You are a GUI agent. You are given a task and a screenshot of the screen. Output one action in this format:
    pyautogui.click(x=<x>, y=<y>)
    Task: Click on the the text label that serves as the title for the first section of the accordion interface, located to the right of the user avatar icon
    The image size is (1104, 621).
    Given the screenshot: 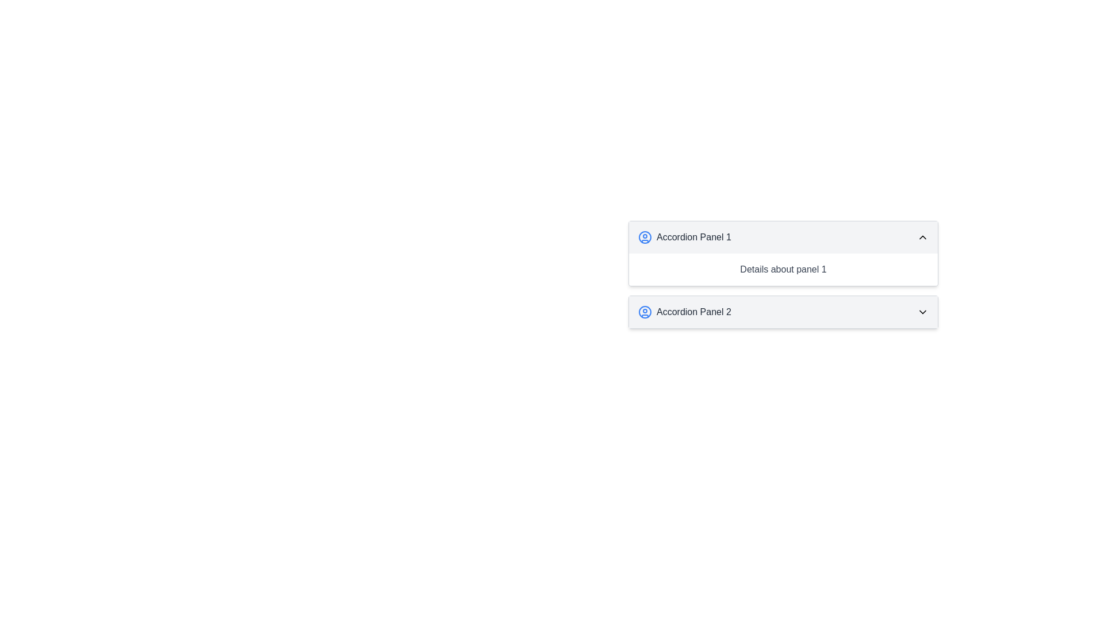 What is the action you would take?
    pyautogui.click(x=693, y=236)
    